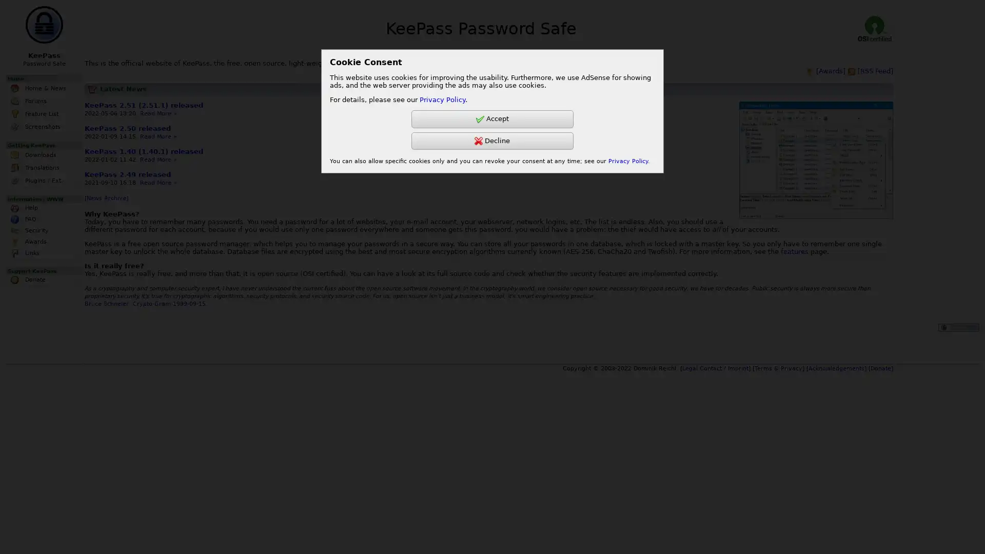  What do you see at coordinates (491, 141) in the screenshot?
I see `Decline` at bounding box center [491, 141].